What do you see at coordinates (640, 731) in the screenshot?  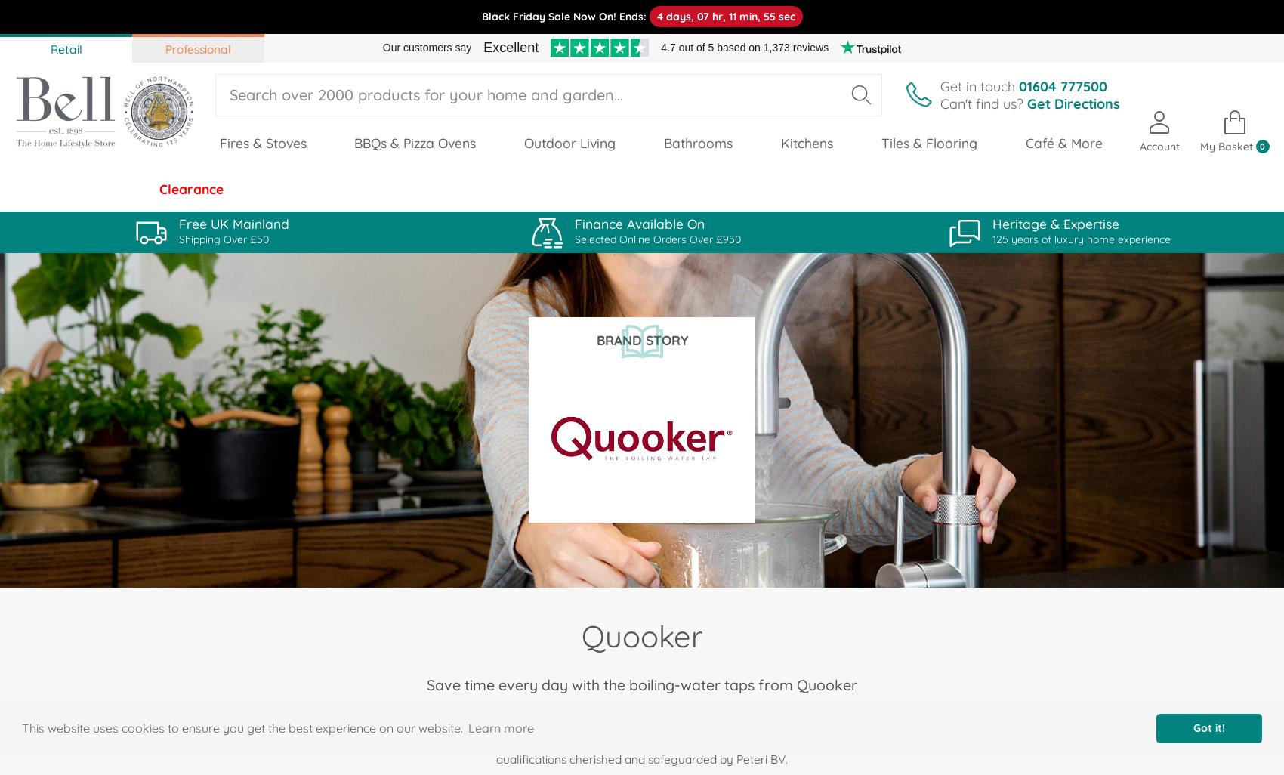 I see `'Registered as a brand in 1989, Quooker’s descriptive and internationally recognisable name has proven to be a great success. The Quooker is the world’s first boiling-water tap and the company holds global patents both on the Quooker and some of its parts. The Quooker brand represents high-end technology and excellent quality – qualifications cherished and safeguarded by Peteri BV.'` at bounding box center [640, 731].